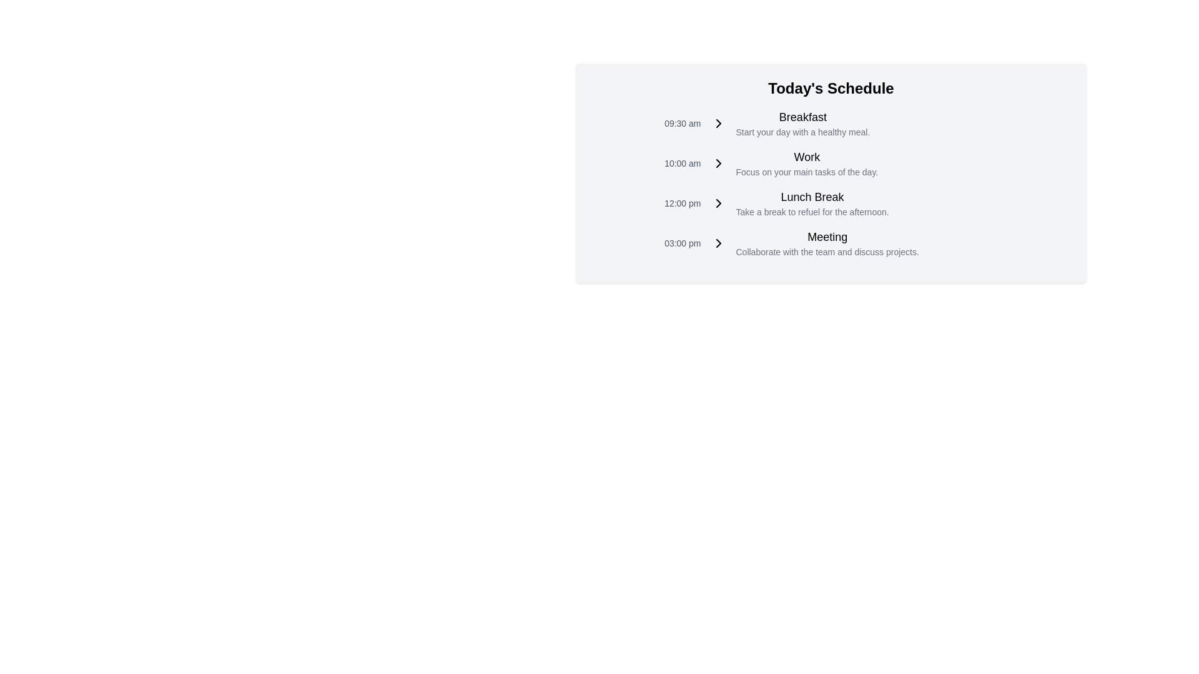 The height and width of the screenshot is (674, 1199). What do you see at coordinates (682, 163) in the screenshot?
I see `the text label displaying '10:00 am', which is the second time entry in a schedule list, located below '09:30 am' and above '12:00 pm'` at bounding box center [682, 163].